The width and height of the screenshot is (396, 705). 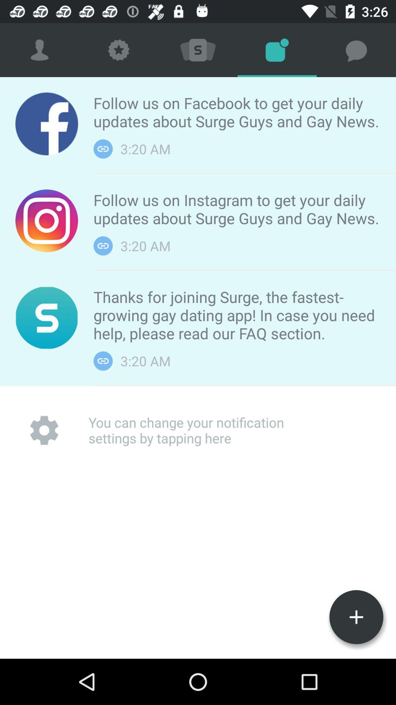 I want to click on the add icon, so click(x=356, y=617).